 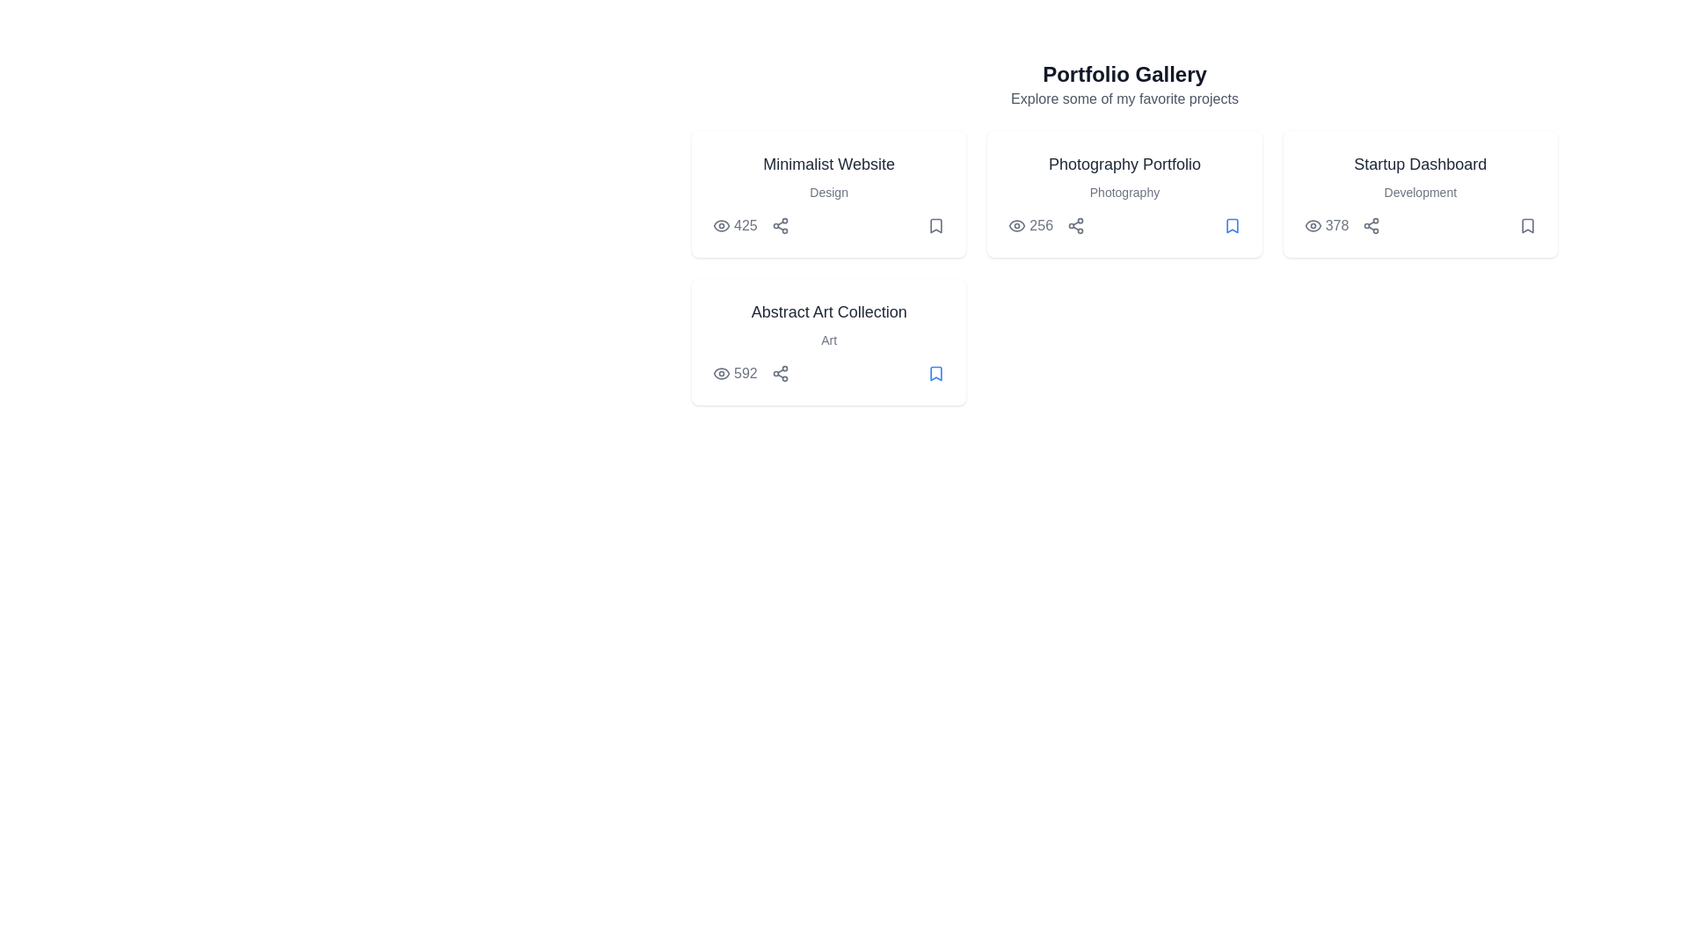 I want to click on the blue bookmark icon button located at the bottom-right corner of the last card in the gallery to bookmark the item, so click(x=935, y=372).